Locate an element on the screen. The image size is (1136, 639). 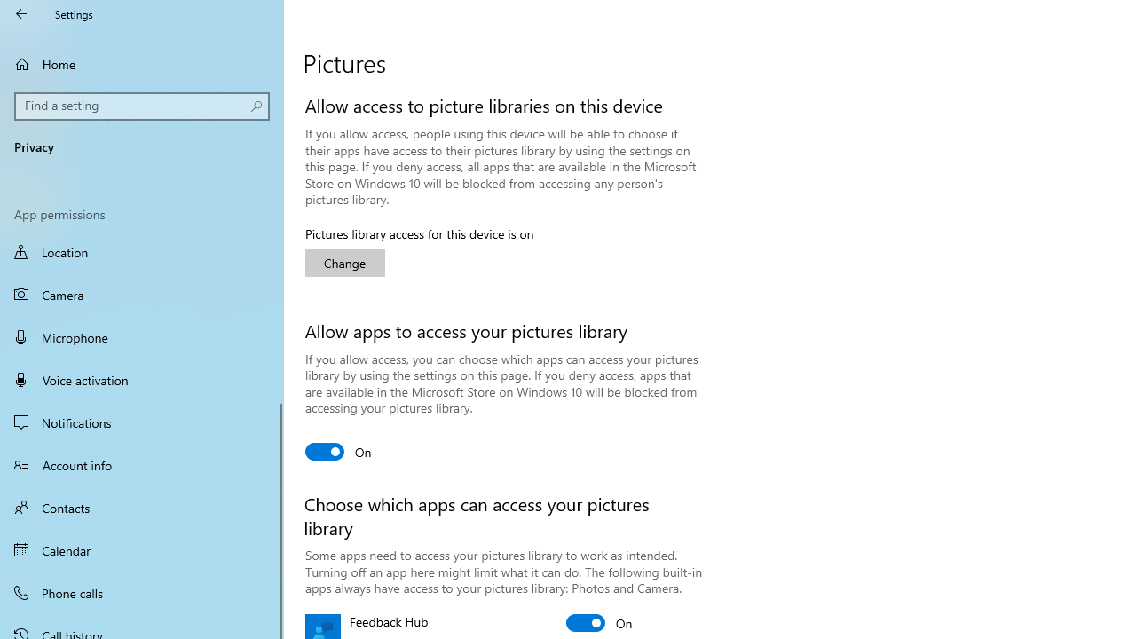
'Search box, Find a setting' is located at coordinates (142, 106).